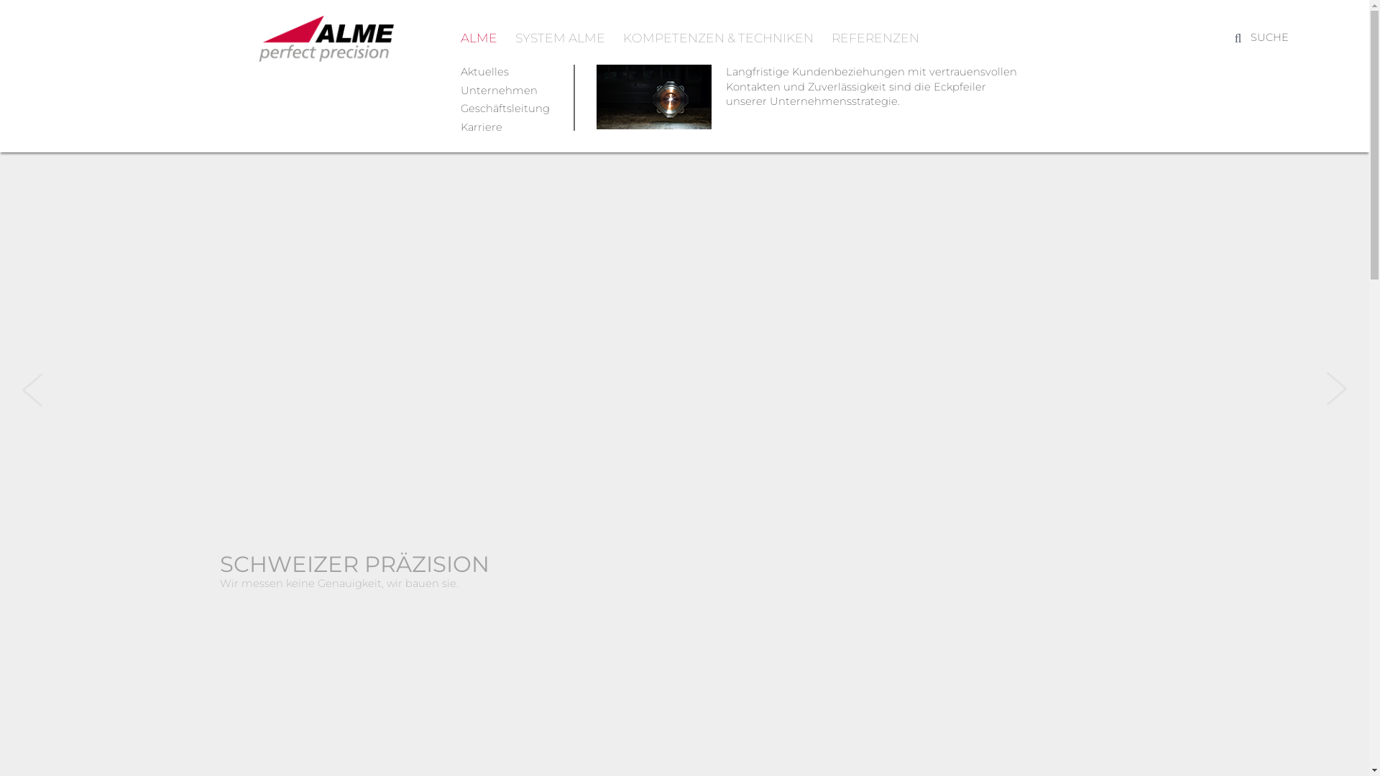 The height and width of the screenshot is (776, 1380). Describe the element at coordinates (484, 72) in the screenshot. I see `'Aktuelles'` at that location.